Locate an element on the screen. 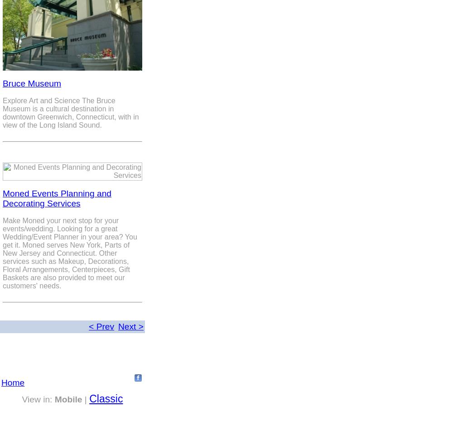  'Next >' is located at coordinates (118, 326).